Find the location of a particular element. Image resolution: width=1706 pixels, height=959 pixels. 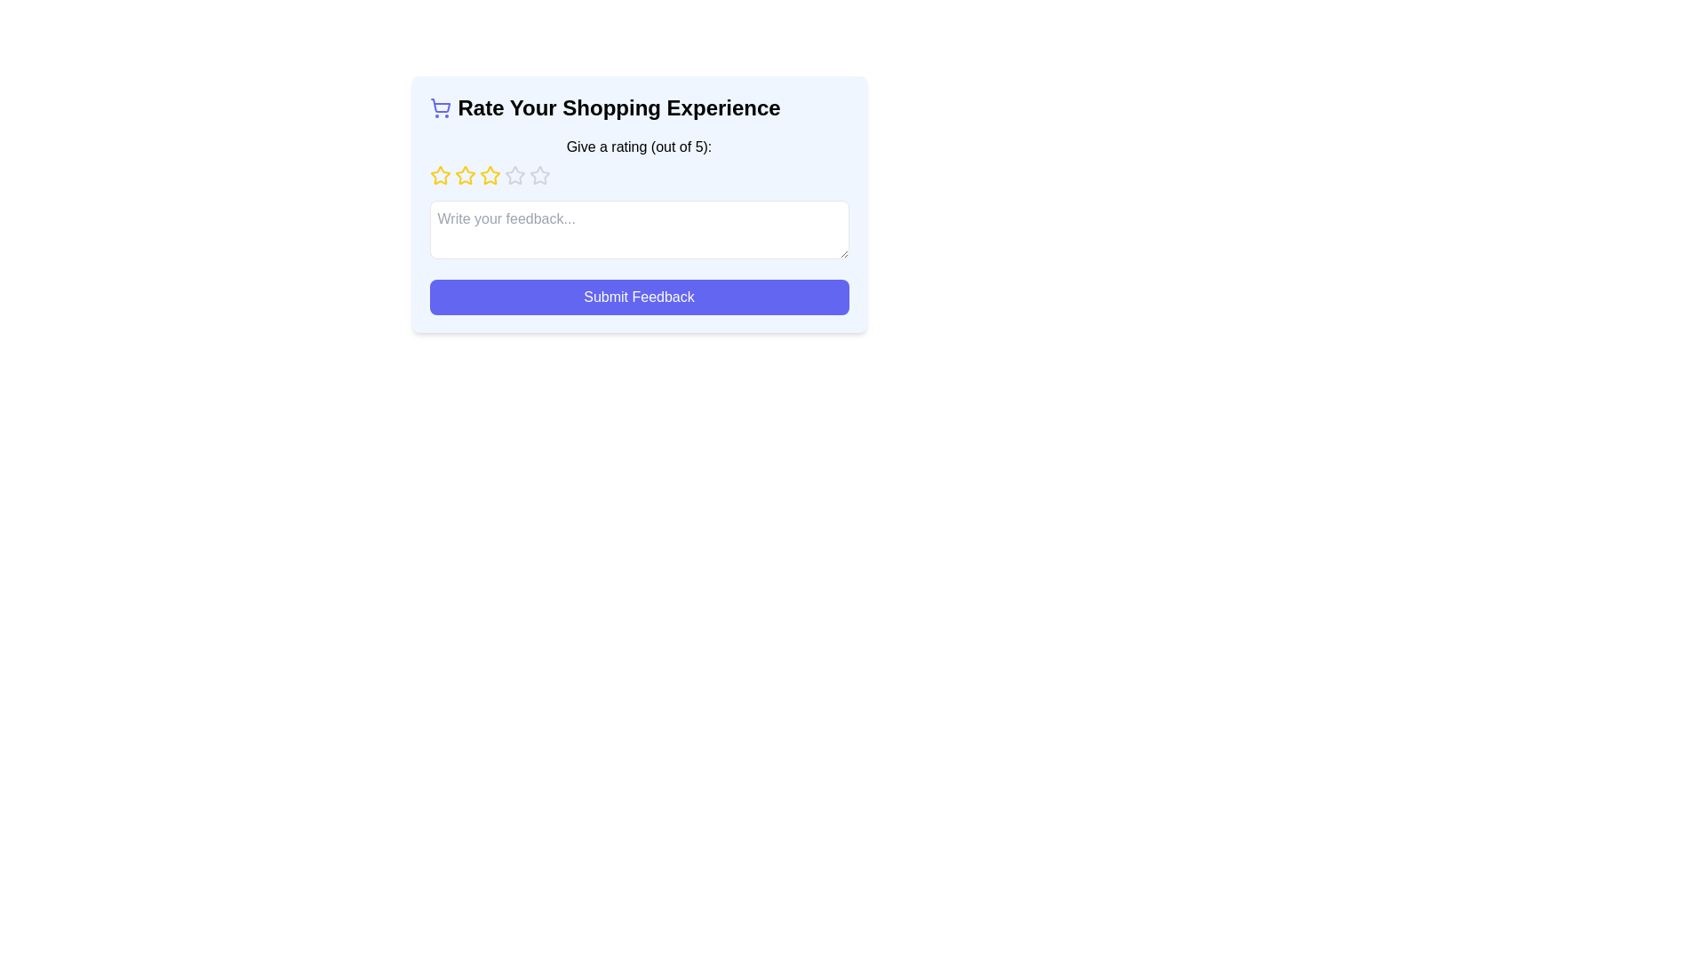

the first star in the rating component, which is a yellow outlined star with a hollow center is located at coordinates (440, 175).